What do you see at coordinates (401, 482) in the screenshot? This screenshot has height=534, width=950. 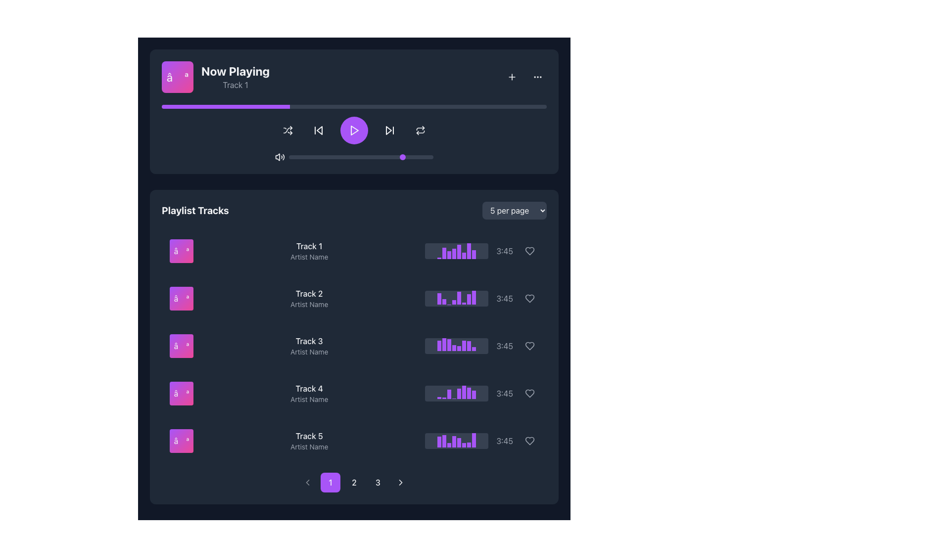 I see `the button with an embedded arrow icon located at the bottom-right corner of the pagination control to change its appearance` at bounding box center [401, 482].